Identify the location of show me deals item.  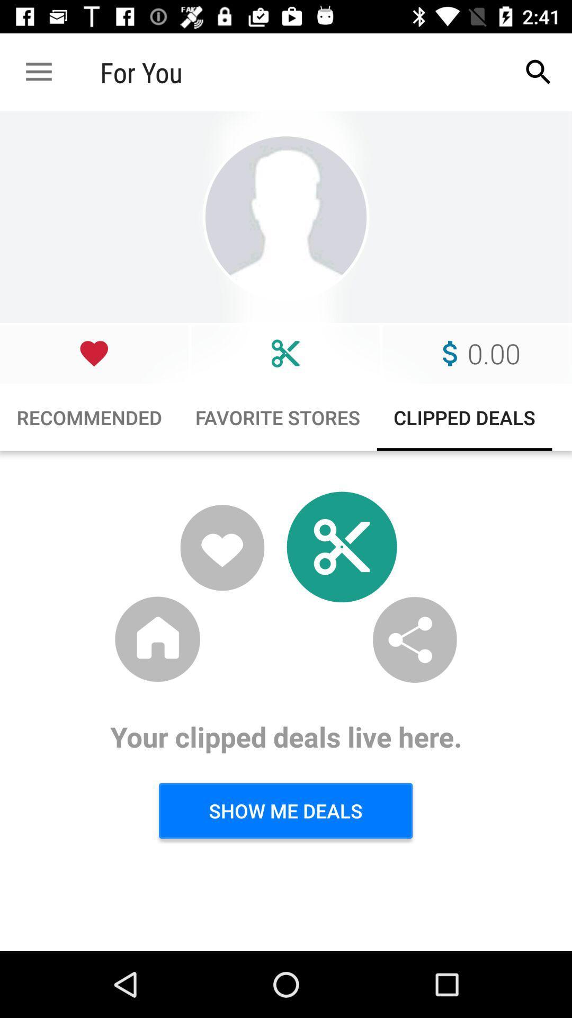
(285, 810).